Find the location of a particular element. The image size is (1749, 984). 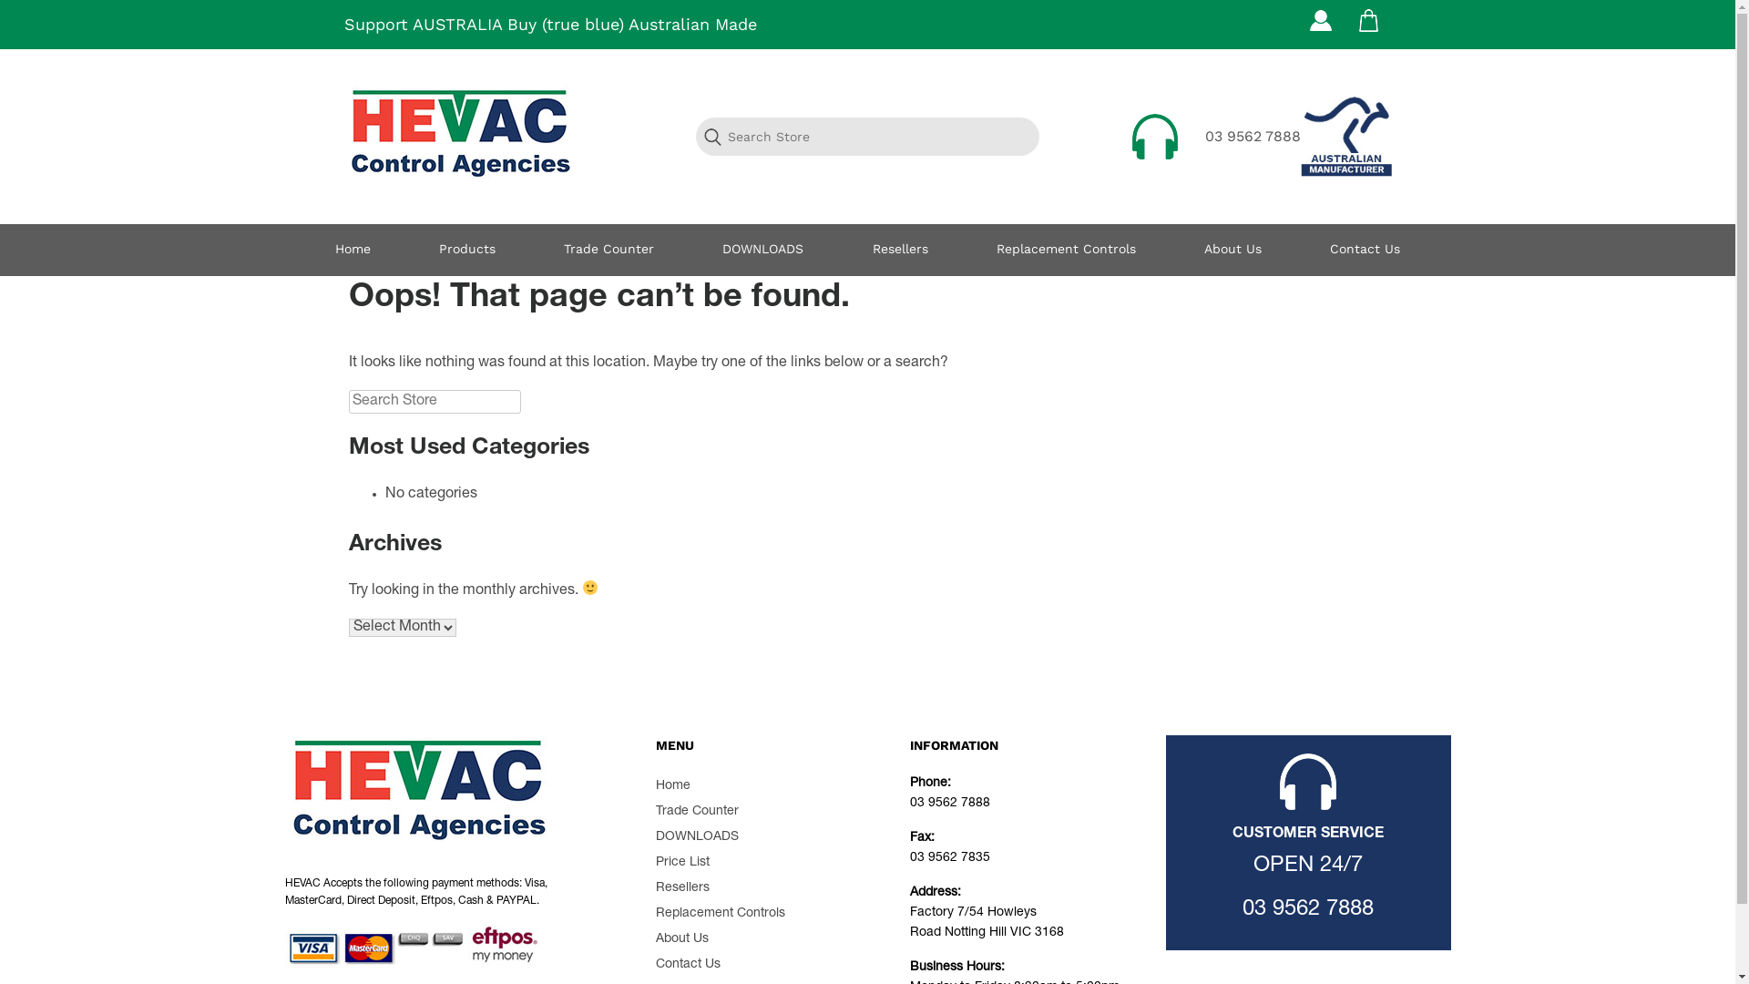

'DOWNLOADS' is located at coordinates (696, 836).